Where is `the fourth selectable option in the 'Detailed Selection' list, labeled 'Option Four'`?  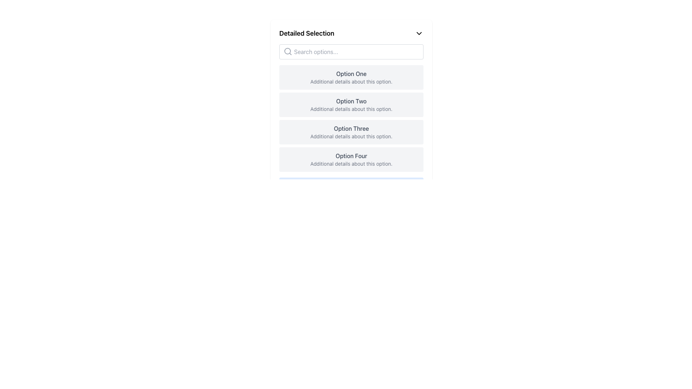 the fourth selectable option in the 'Detailed Selection' list, labeled 'Option Four' is located at coordinates (351, 159).